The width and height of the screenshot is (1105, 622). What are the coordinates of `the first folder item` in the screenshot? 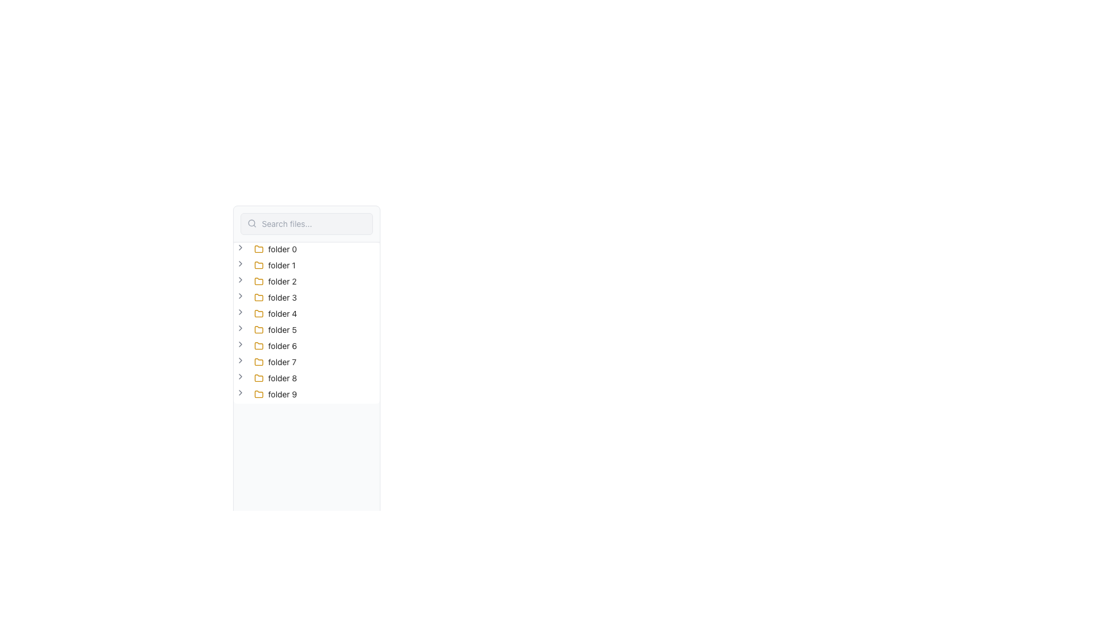 It's located at (275, 248).